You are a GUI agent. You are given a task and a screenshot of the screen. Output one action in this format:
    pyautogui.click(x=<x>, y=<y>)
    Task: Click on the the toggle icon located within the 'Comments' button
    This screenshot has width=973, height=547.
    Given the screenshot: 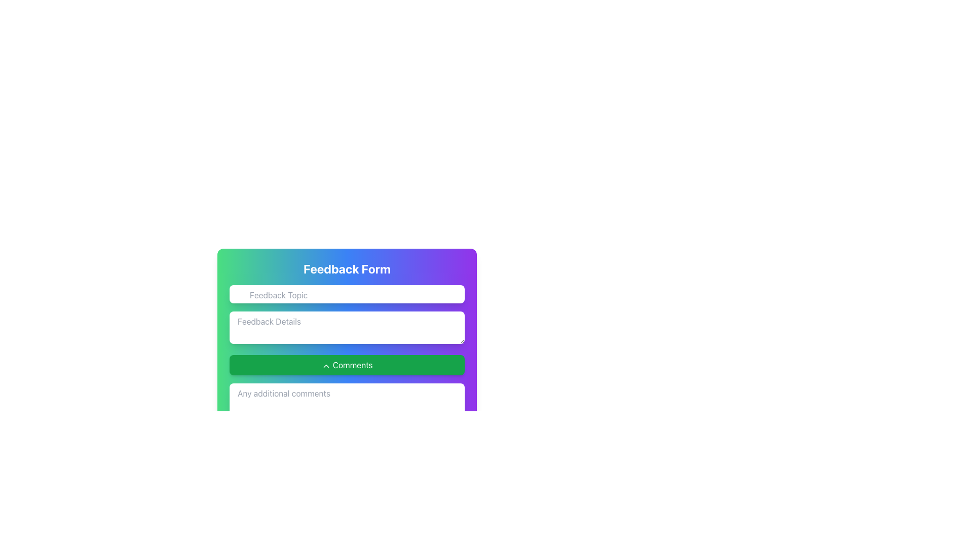 What is the action you would take?
    pyautogui.click(x=326, y=366)
    